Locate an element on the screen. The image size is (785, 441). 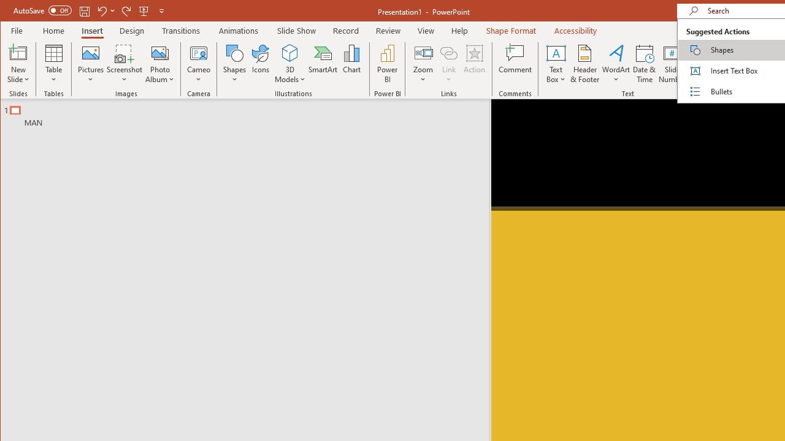
'Link' is located at coordinates (448, 64).